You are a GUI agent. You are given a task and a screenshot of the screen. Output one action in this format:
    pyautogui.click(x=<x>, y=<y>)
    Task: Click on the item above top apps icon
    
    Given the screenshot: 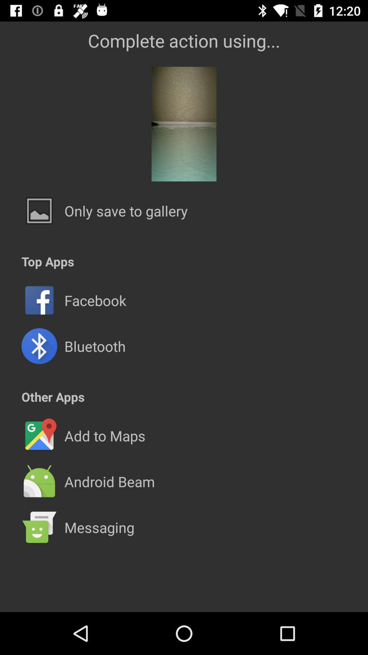 What is the action you would take?
    pyautogui.click(x=126, y=210)
    